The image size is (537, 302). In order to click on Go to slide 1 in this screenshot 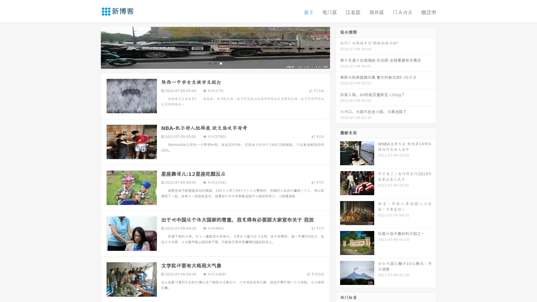, I will do `click(209, 63)`.